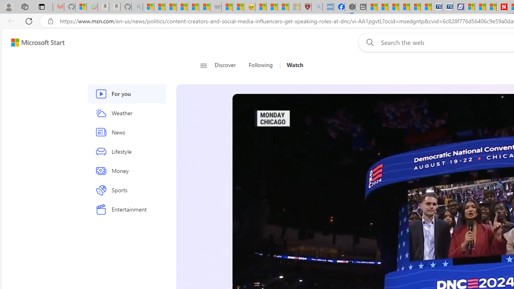 This screenshot has width=514, height=289. I want to click on 'The Weather Channel - MSN', so click(170, 7).